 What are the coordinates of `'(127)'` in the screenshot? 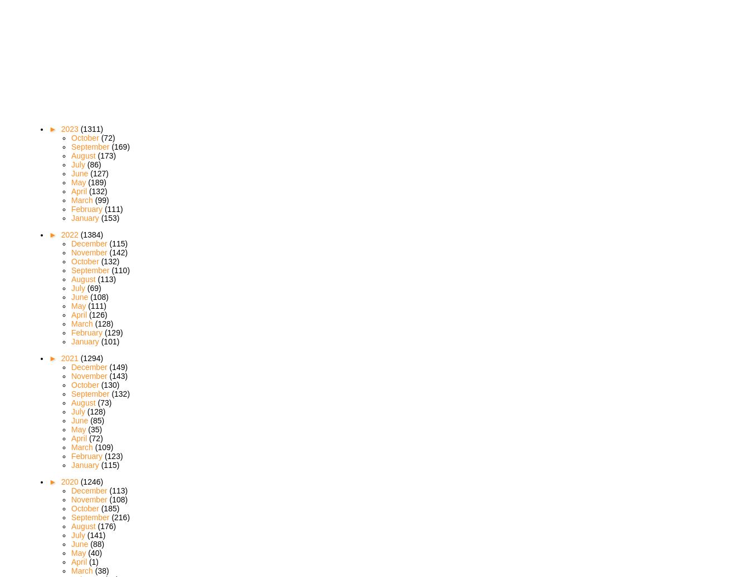 It's located at (99, 172).